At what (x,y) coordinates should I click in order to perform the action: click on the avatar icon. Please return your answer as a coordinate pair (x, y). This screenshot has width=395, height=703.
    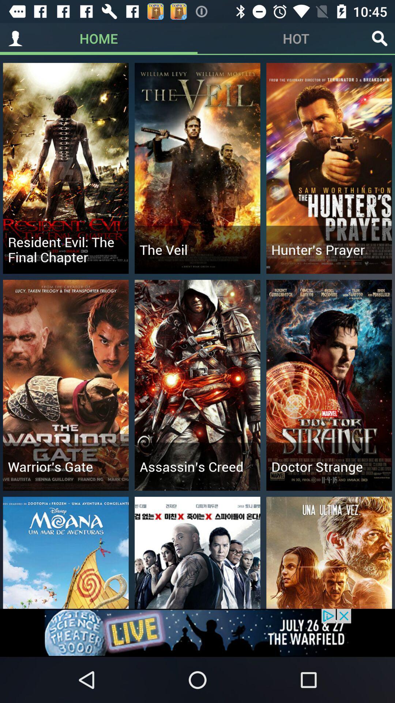
    Looking at the image, I should click on (15, 38).